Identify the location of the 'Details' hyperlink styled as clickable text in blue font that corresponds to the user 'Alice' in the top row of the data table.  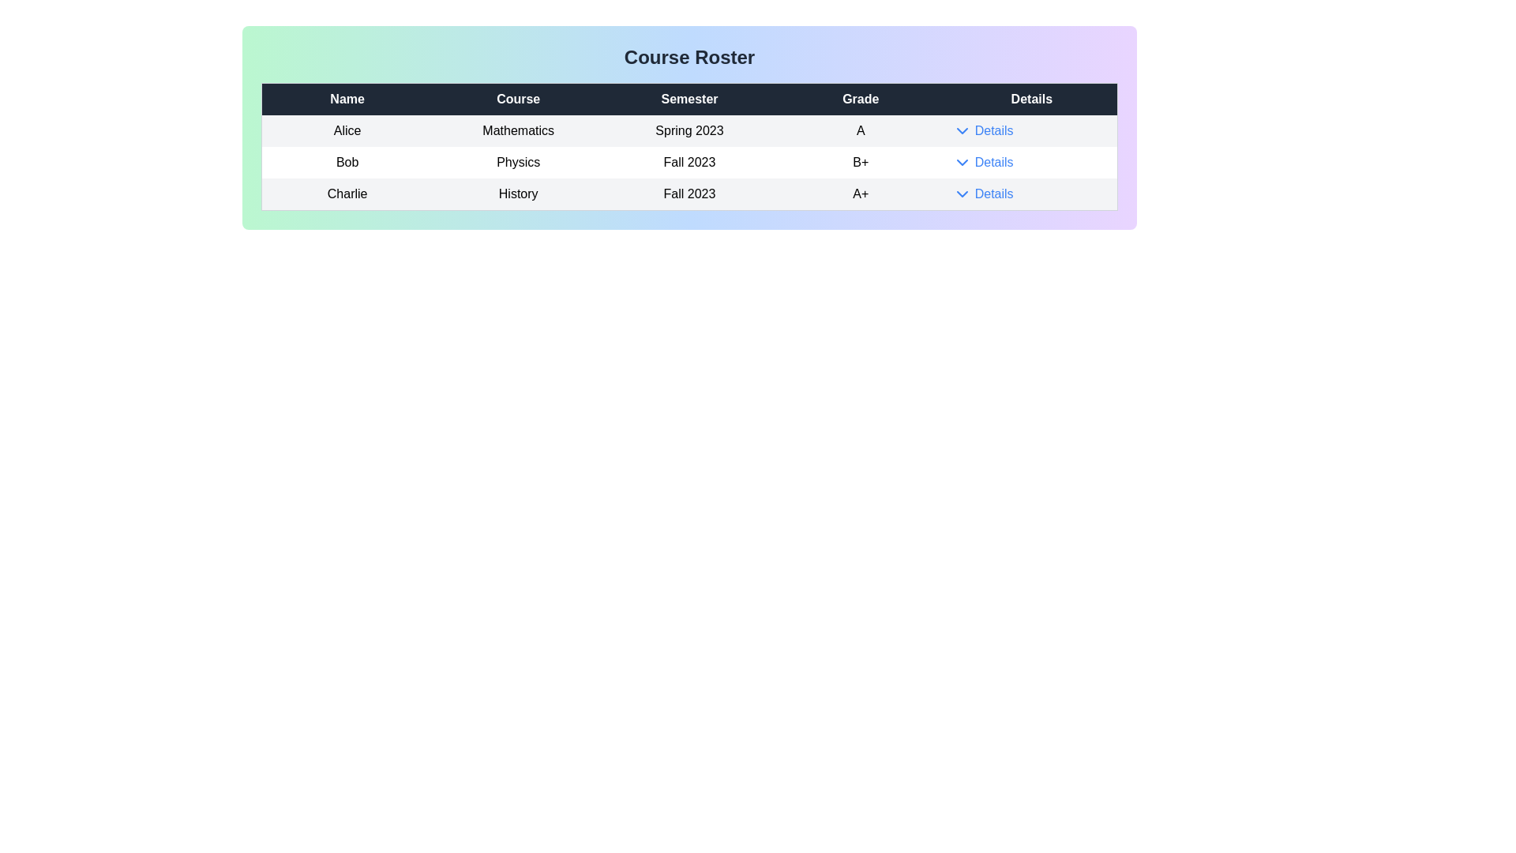
(993, 130).